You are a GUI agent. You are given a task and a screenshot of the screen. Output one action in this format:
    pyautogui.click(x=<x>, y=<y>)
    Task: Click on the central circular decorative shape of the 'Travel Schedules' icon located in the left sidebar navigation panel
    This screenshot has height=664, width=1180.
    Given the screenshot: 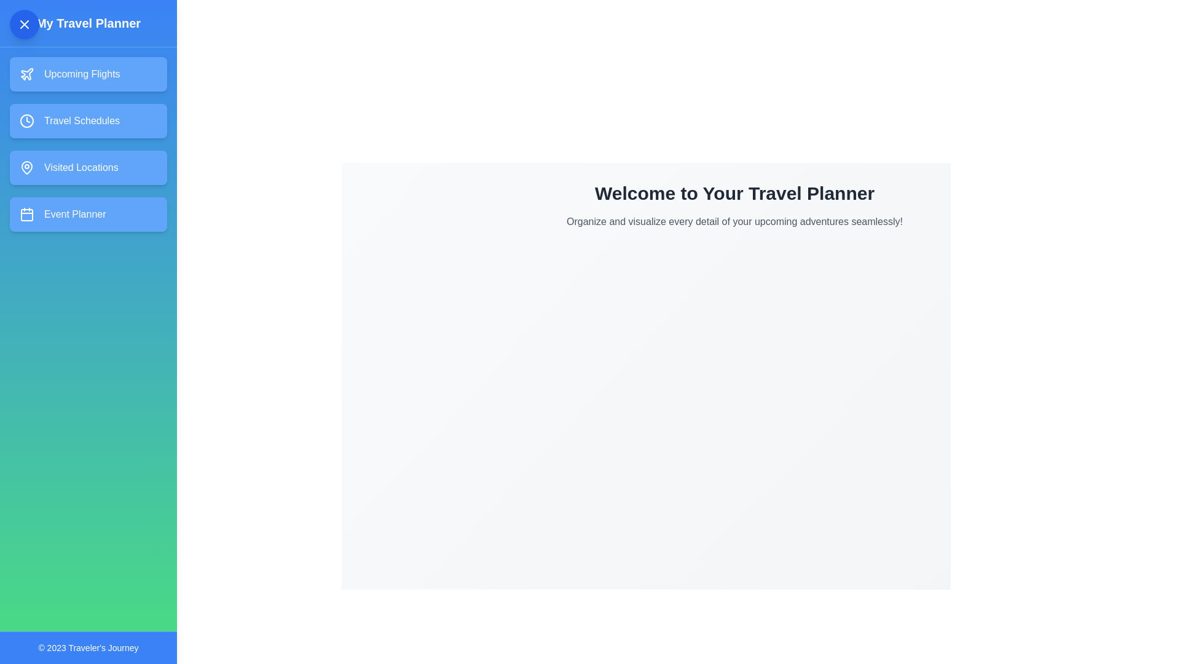 What is the action you would take?
    pyautogui.click(x=26, y=121)
    